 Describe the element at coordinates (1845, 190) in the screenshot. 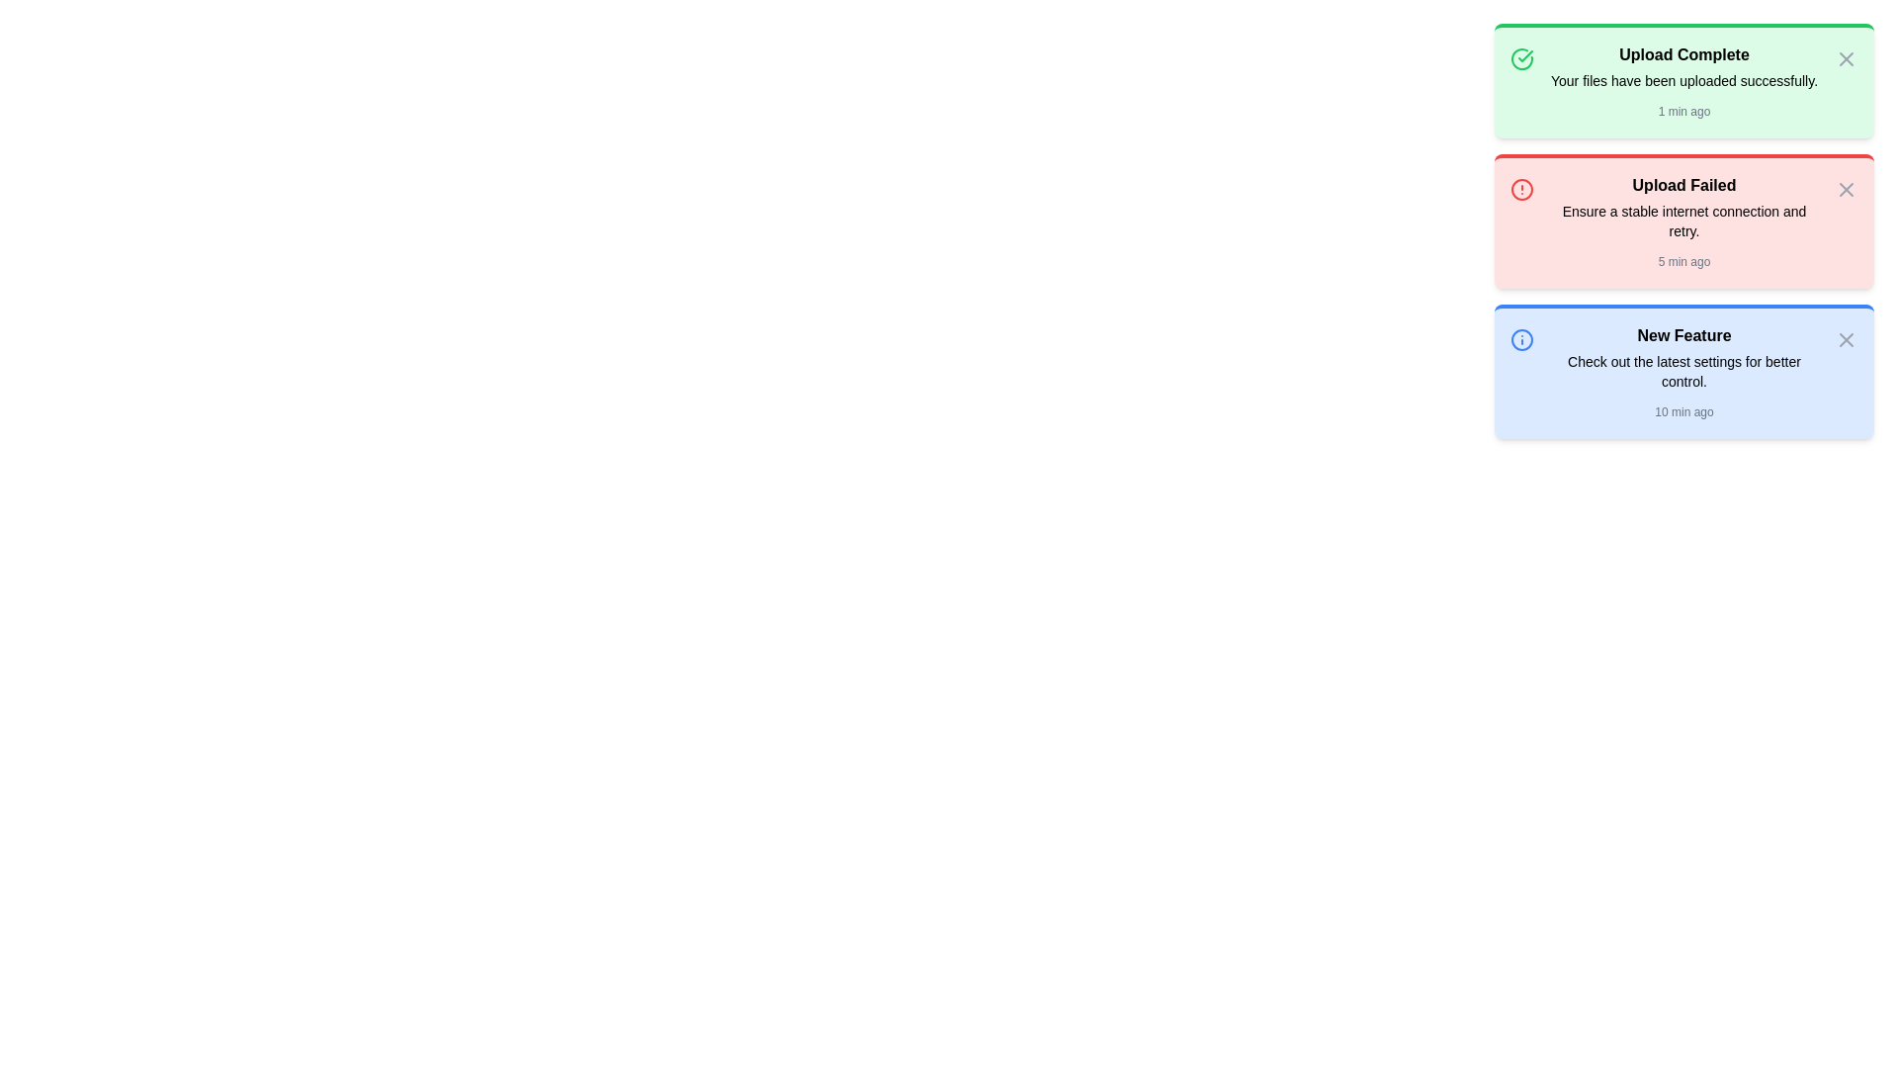

I see `the button in the top-right corner of the notification card` at that location.